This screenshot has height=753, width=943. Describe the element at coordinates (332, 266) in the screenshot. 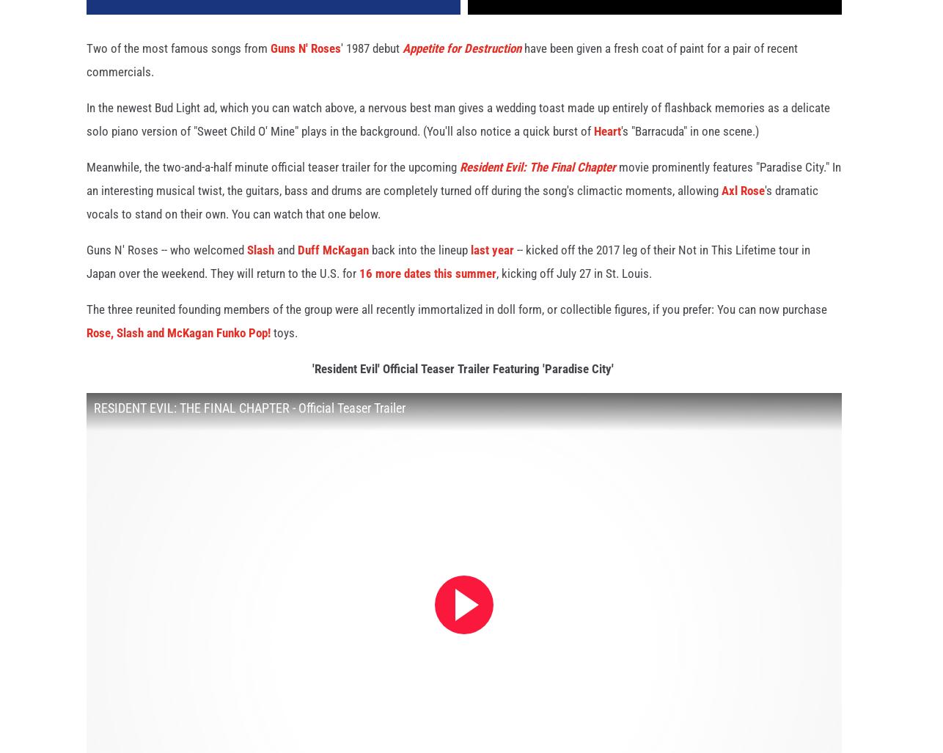

I see `'Duff McKagan'` at that location.